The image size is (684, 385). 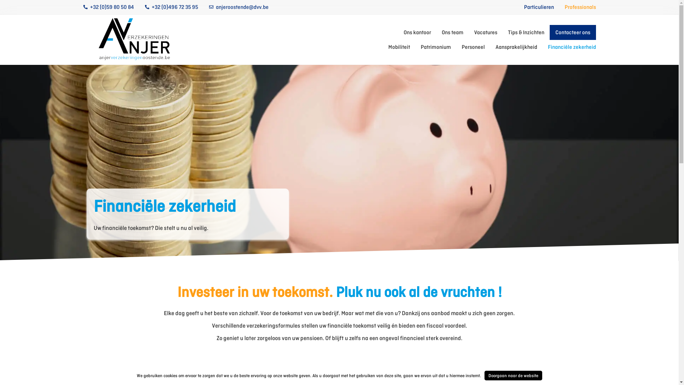 I want to click on 'Tips & Inzichten', so click(x=526, y=32).